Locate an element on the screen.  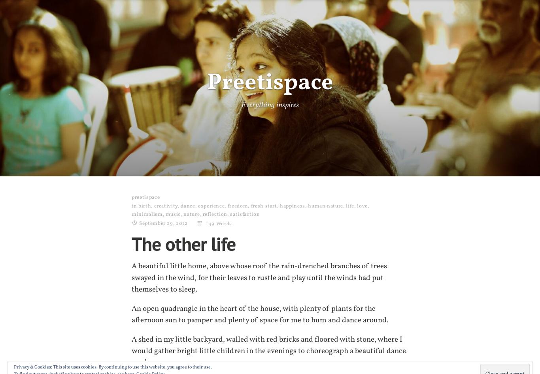
'reflection' is located at coordinates (202, 214).